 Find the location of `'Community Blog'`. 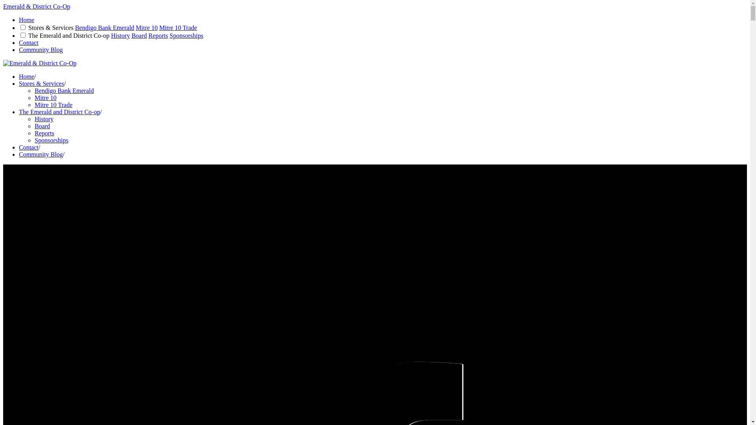

'Community Blog' is located at coordinates (19, 50).